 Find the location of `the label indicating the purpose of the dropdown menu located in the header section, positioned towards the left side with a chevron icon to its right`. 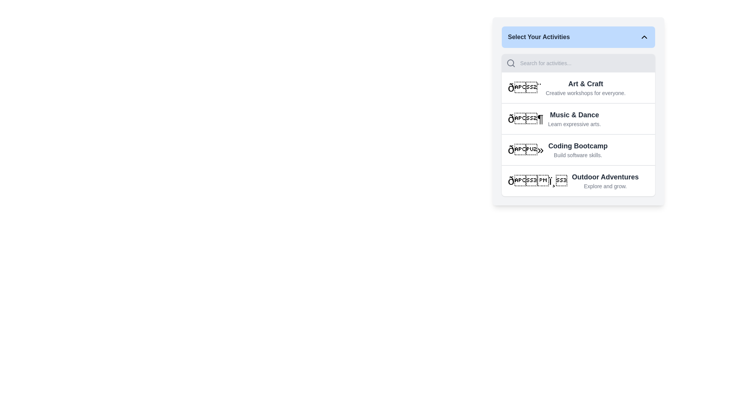

the label indicating the purpose of the dropdown menu located in the header section, positioned towards the left side with a chevron icon to its right is located at coordinates (538, 37).